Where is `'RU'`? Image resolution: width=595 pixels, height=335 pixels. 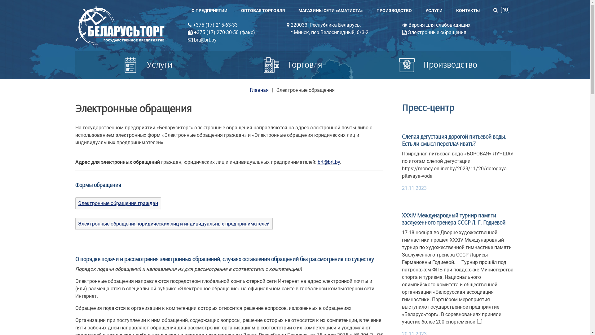 'RU' is located at coordinates (505, 10).